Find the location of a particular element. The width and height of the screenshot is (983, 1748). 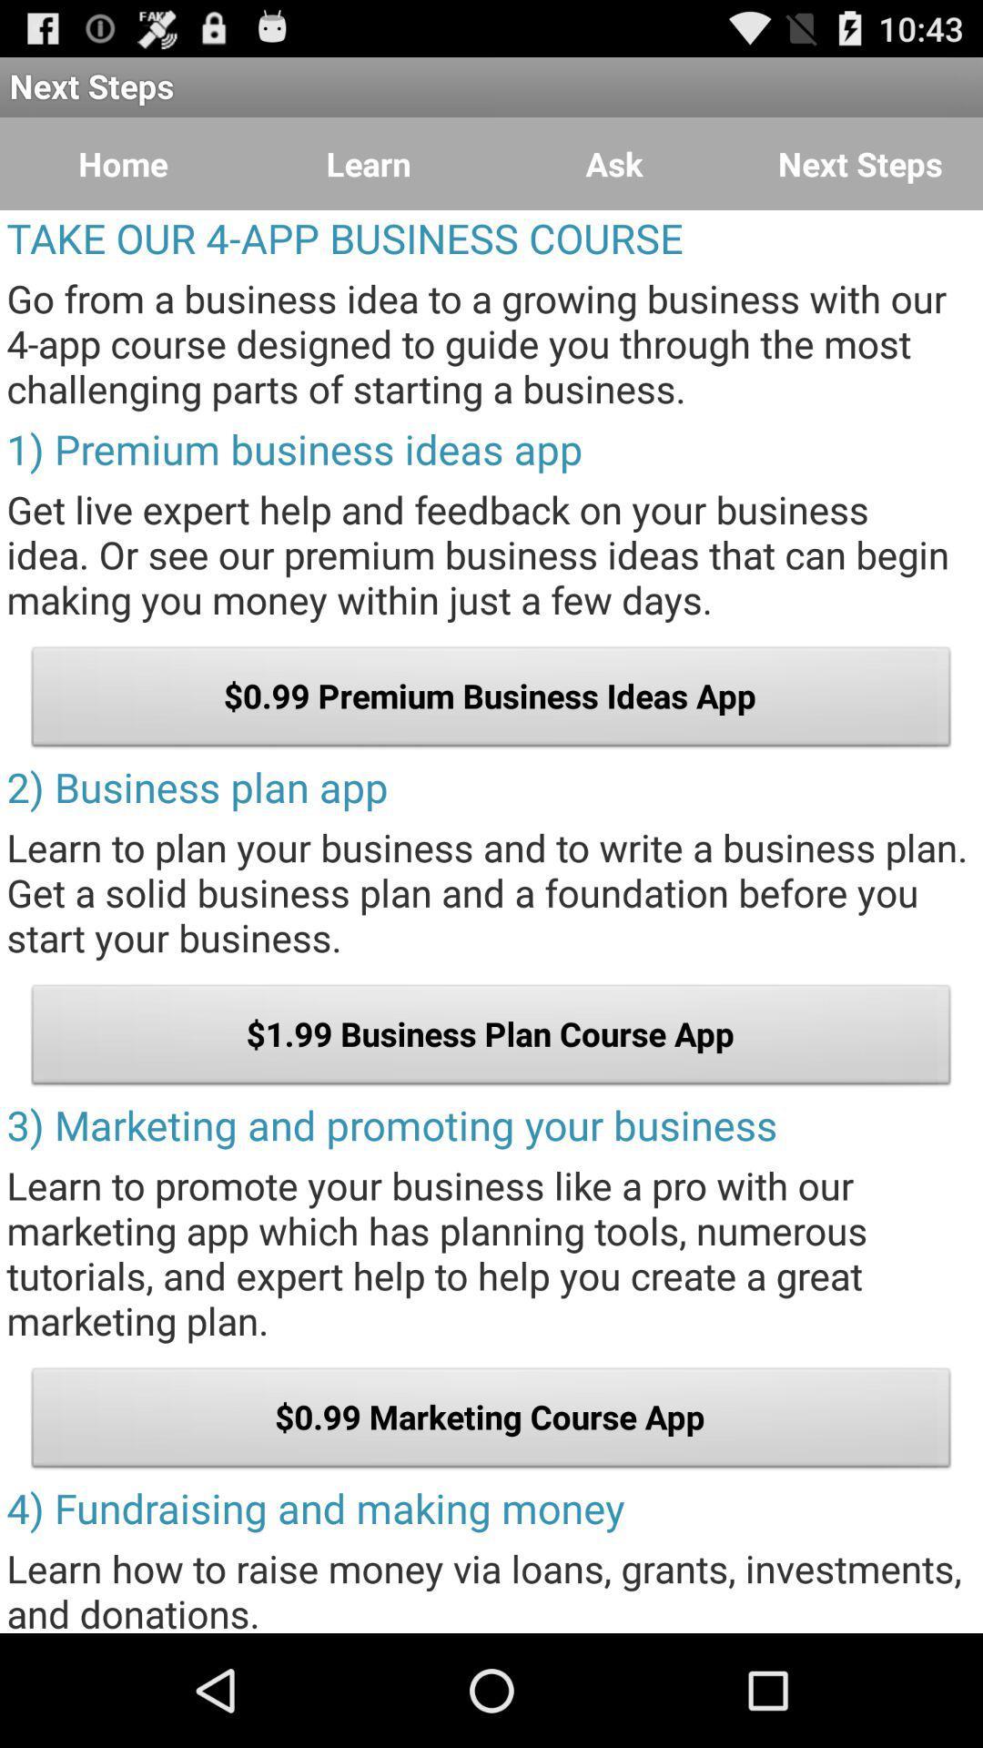

the ask icon is located at coordinates (614, 164).